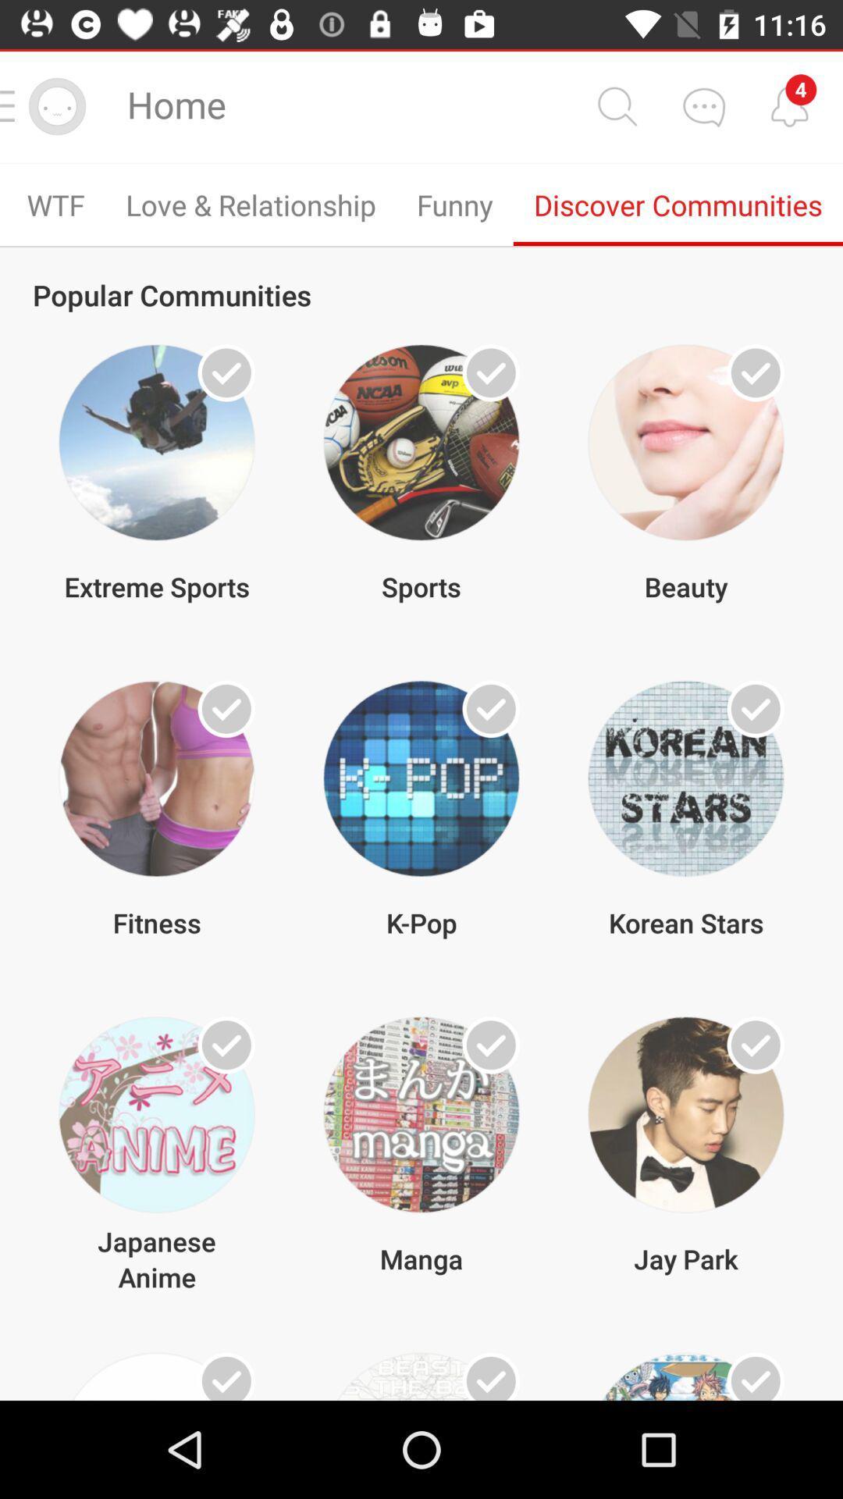 The height and width of the screenshot is (1499, 843). Describe the element at coordinates (789, 105) in the screenshot. I see `message alerts` at that location.